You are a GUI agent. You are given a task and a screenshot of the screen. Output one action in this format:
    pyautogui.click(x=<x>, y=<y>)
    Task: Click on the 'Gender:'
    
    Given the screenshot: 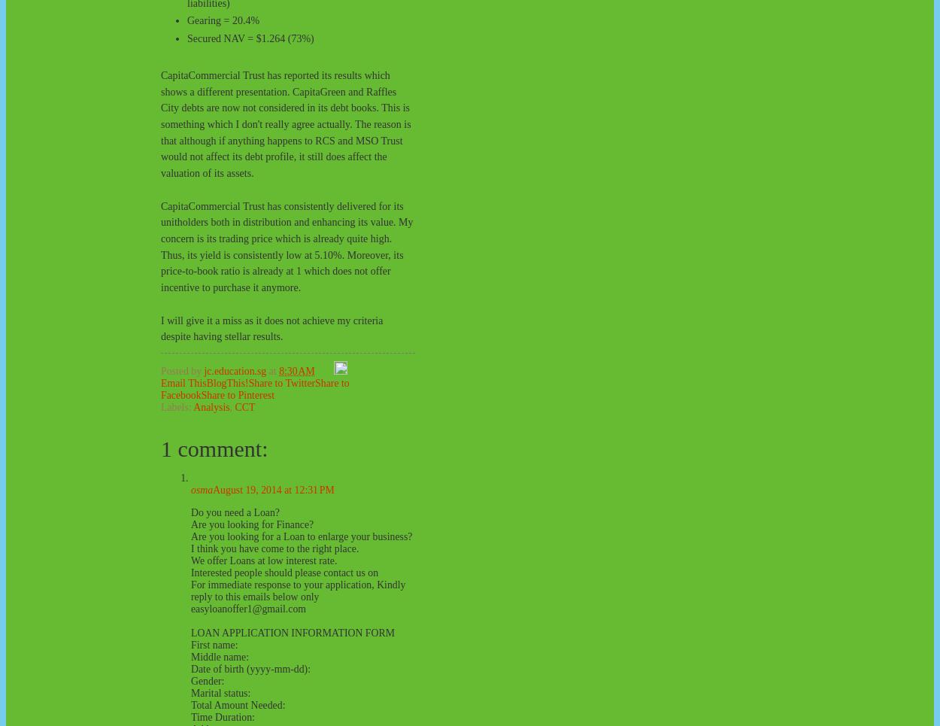 What is the action you would take?
    pyautogui.click(x=208, y=679)
    